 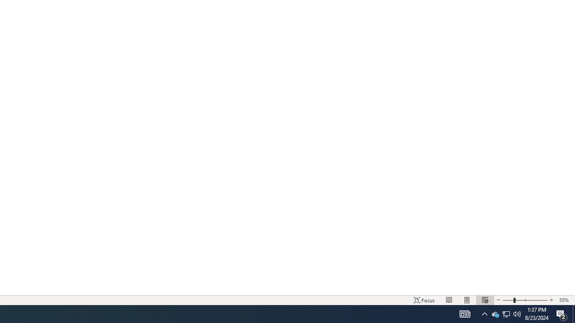 What do you see at coordinates (525, 300) in the screenshot?
I see `'Zoom'` at bounding box center [525, 300].